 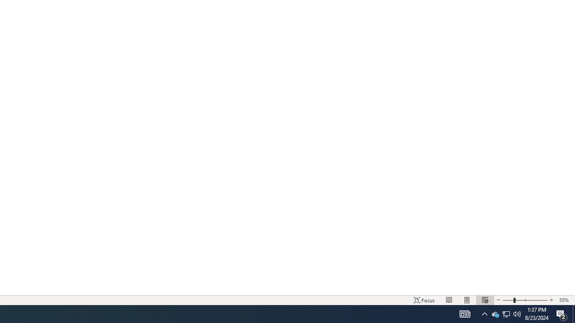 What do you see at coordinates (525, 300) in the screenshot?
I see `'Zoom'` at bounding box center [525, 300].